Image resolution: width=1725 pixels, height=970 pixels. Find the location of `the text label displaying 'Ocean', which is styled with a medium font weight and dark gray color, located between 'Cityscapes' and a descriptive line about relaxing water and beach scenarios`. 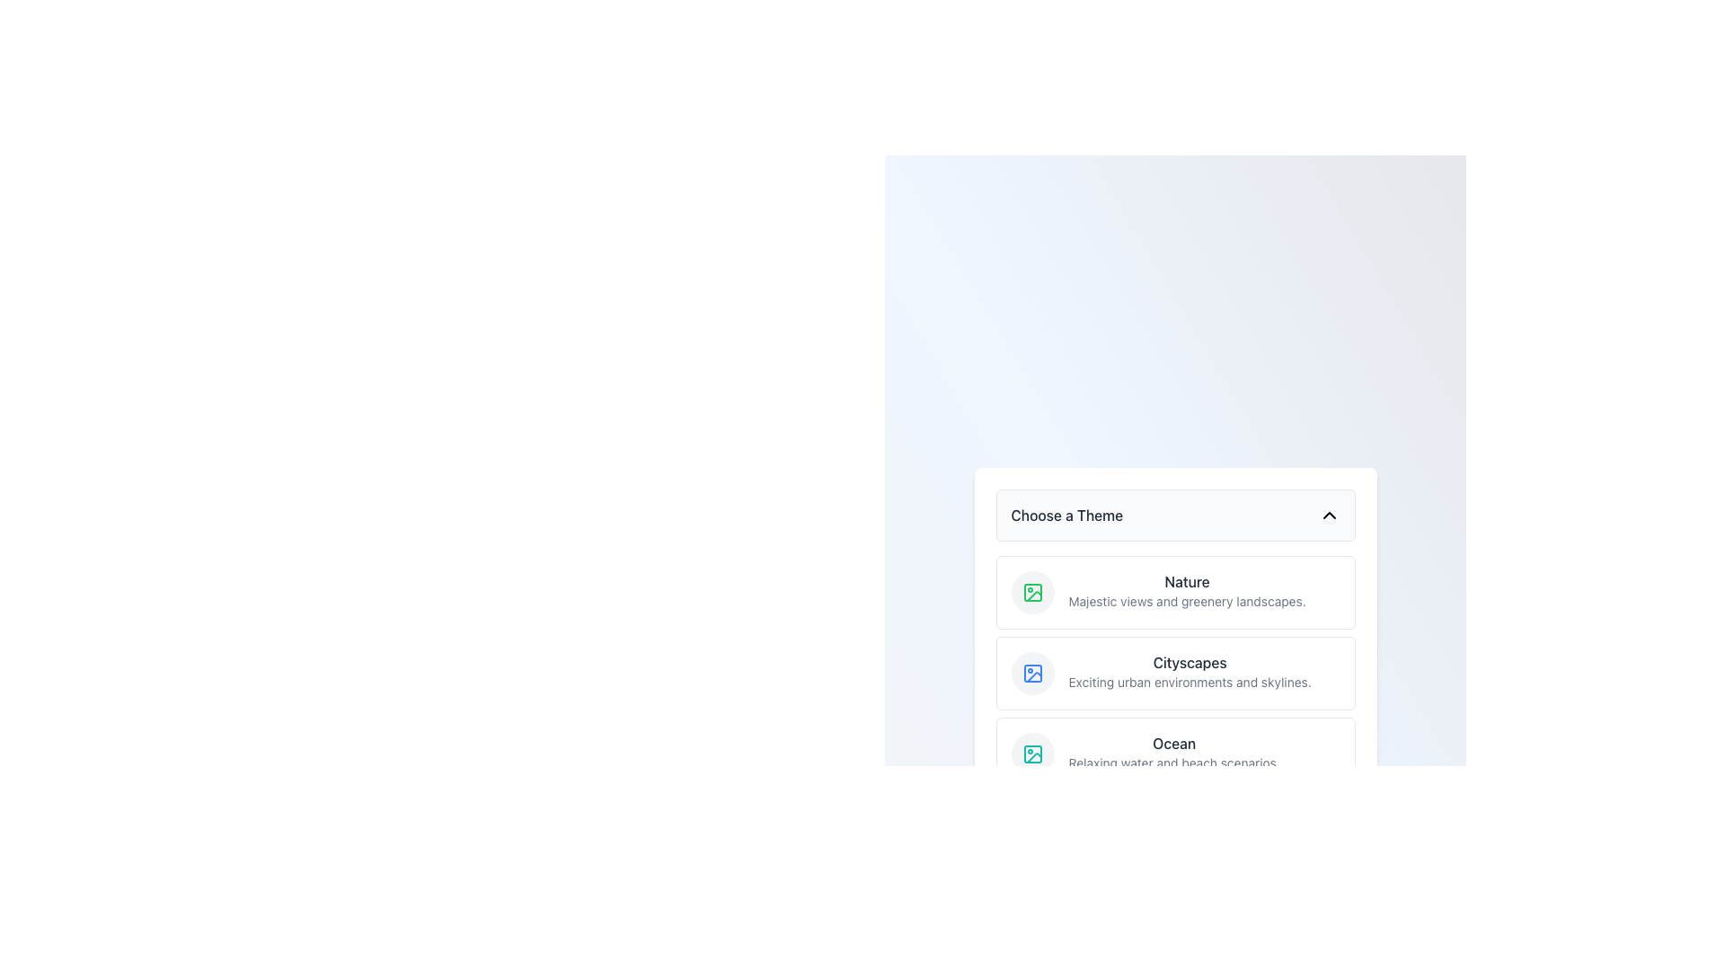

the text label displaying 'Ocean', which is styled with a medium font weight and dark gray color, located between 'Cityscapes' and a descriptive line about relaxing water and beach scenarios is located at coordinates (1174, 744).